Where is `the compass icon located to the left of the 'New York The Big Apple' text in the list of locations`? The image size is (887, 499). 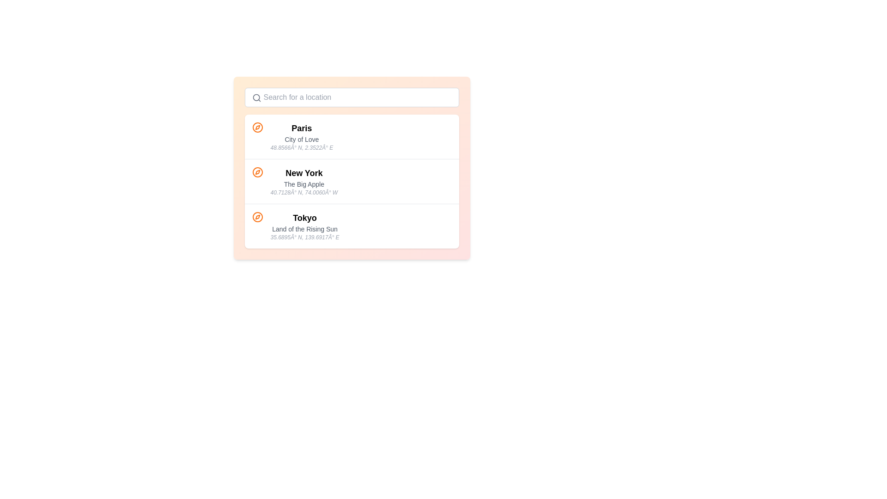
the compass icon located to the left of the 'New York The Big Apple' text in the list of locations is located at coordinates (257, 172).